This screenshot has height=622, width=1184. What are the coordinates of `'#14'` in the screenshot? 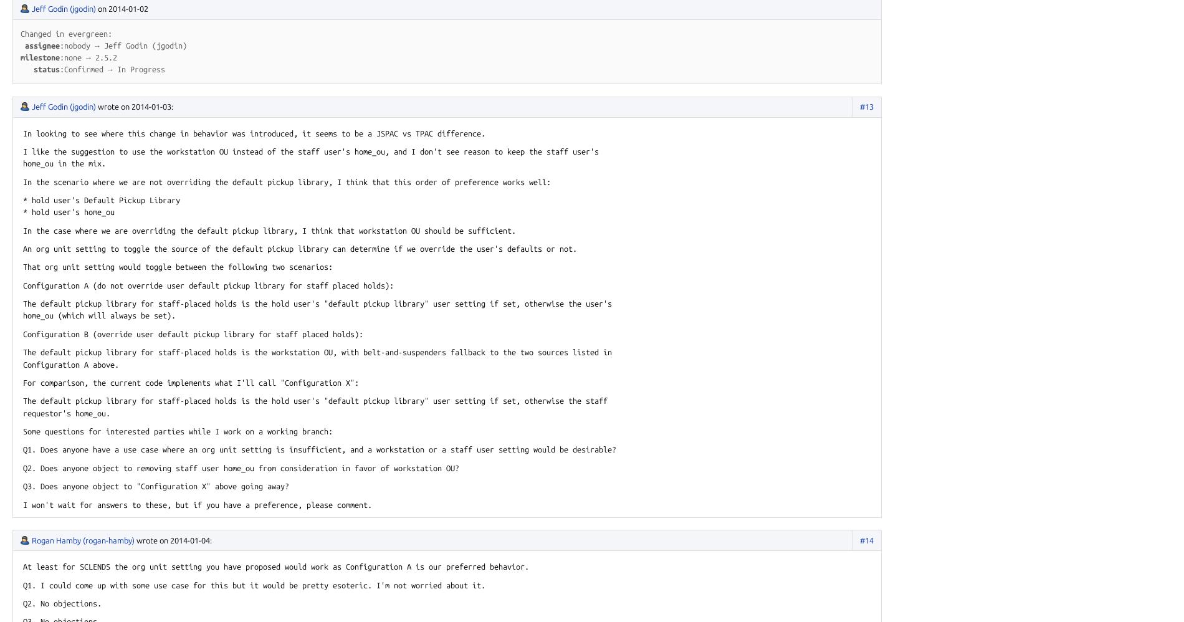 It's located at (866, 538).